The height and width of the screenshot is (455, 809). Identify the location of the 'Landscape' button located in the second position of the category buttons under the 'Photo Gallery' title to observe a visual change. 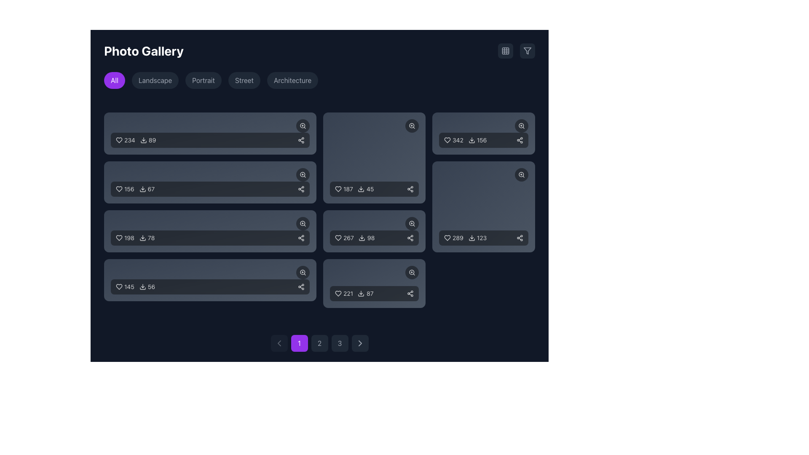
(155, 80).